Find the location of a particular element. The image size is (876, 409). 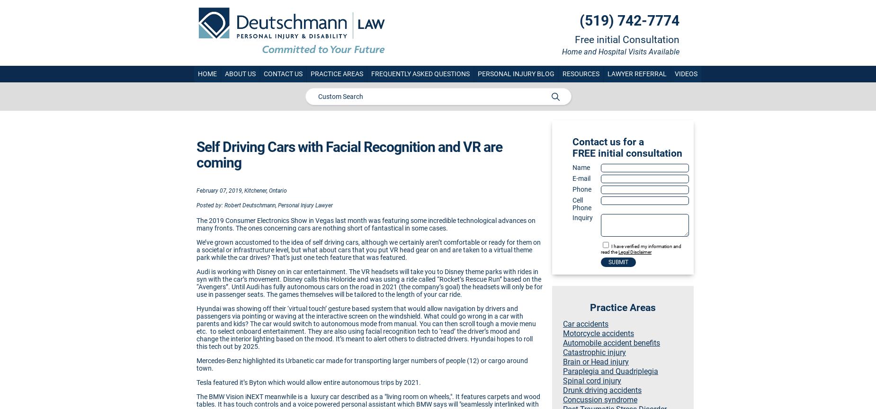

'Cell Phone' is located at coordinates (581, 203).